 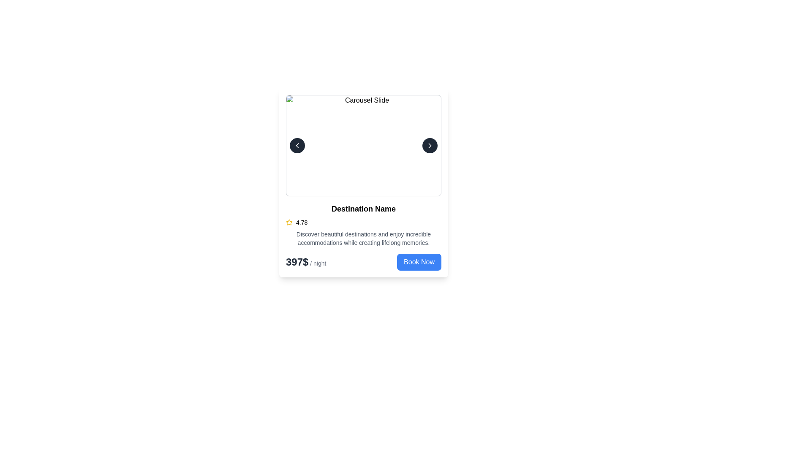 I want to click on displayed text from the Text Label that indicates the cost per night of the accommodation, located in the bottom-left corner of the card, below the descriptive text and preceding the 'Book Now' button, so click(x=305, y=262).